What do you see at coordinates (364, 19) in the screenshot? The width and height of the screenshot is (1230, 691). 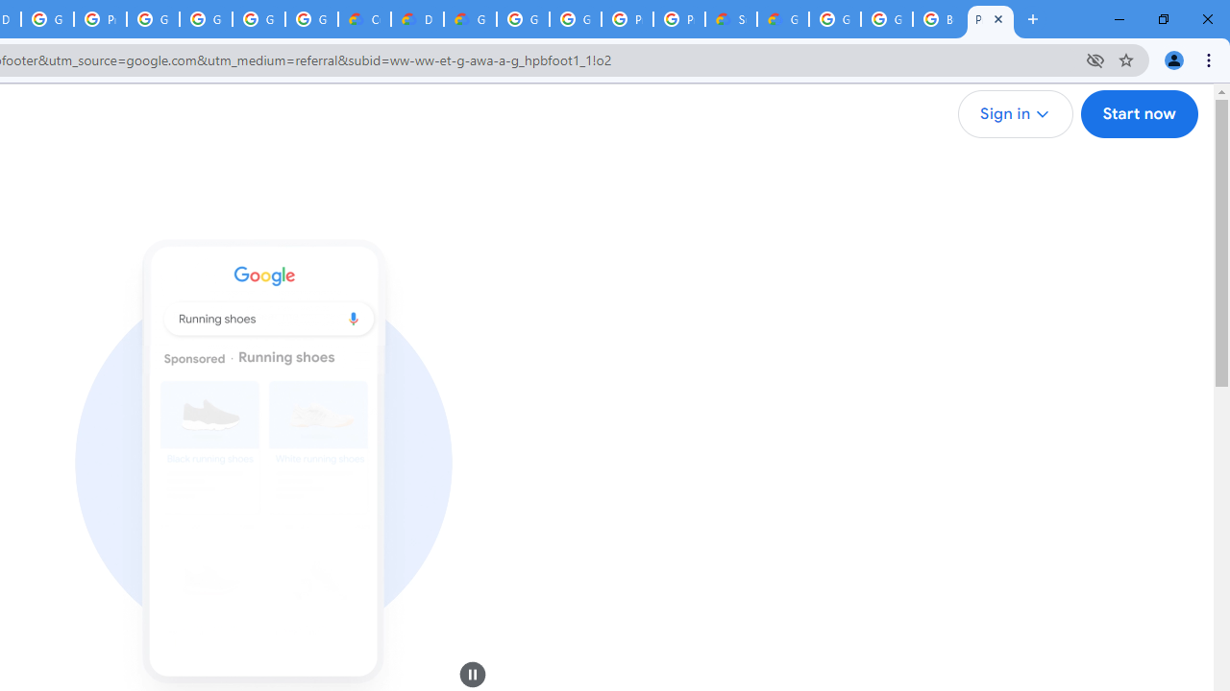 I see `'Customer Care | Google Cloud'` at bounding box center [364, 19].